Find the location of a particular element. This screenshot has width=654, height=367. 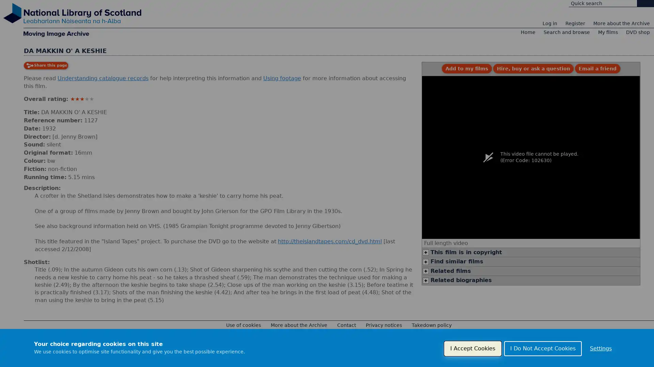

I Accept Cookies is located at coordinates (472, 349).